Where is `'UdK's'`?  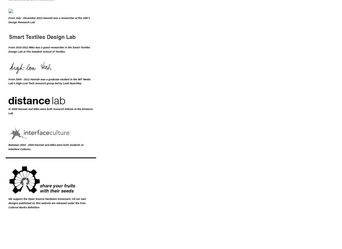 'UdK's' is located at coordinates (86, 18).